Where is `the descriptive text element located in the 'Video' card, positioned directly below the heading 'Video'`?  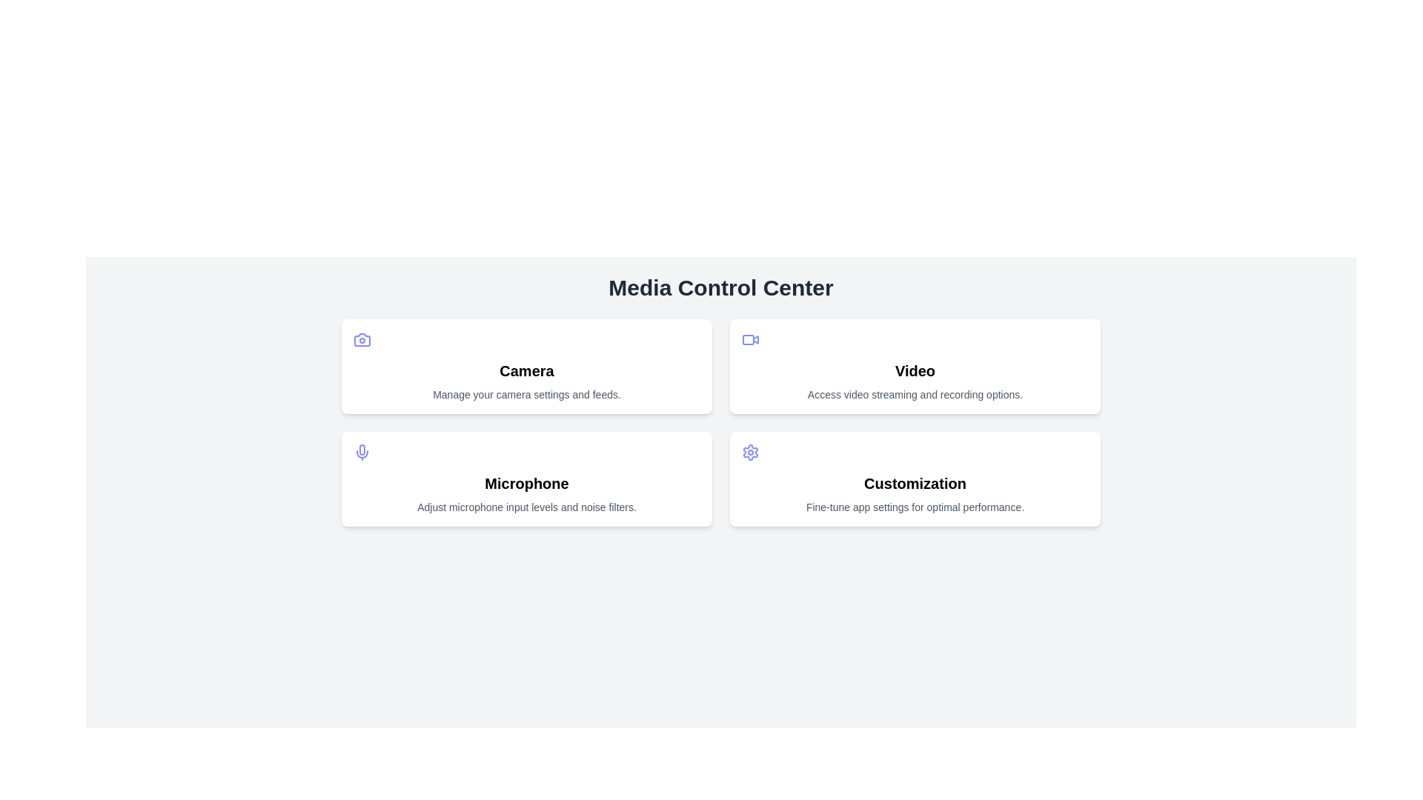
the descriptive text element located in the 'Video' card, positioned directly below the heading 'Video' is located at coordinates (914, 393).